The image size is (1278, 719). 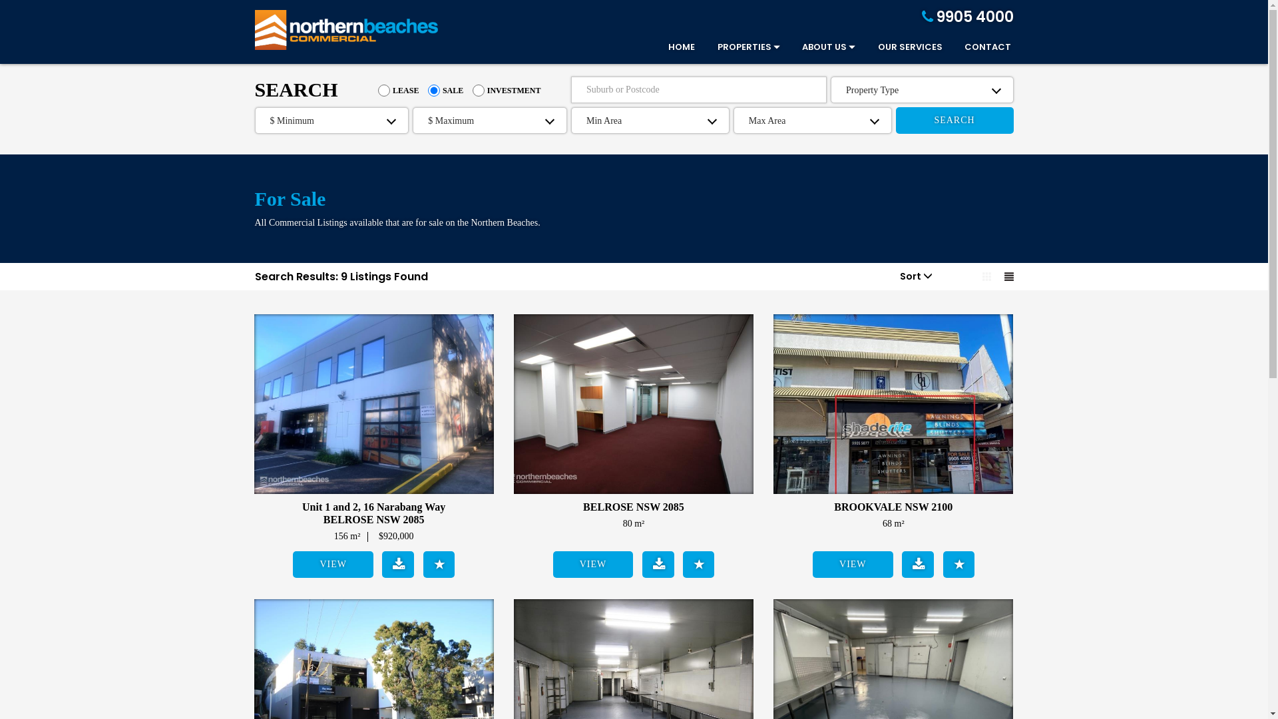 I want to click on 'ABOUT US', so click(x=782, y=48).